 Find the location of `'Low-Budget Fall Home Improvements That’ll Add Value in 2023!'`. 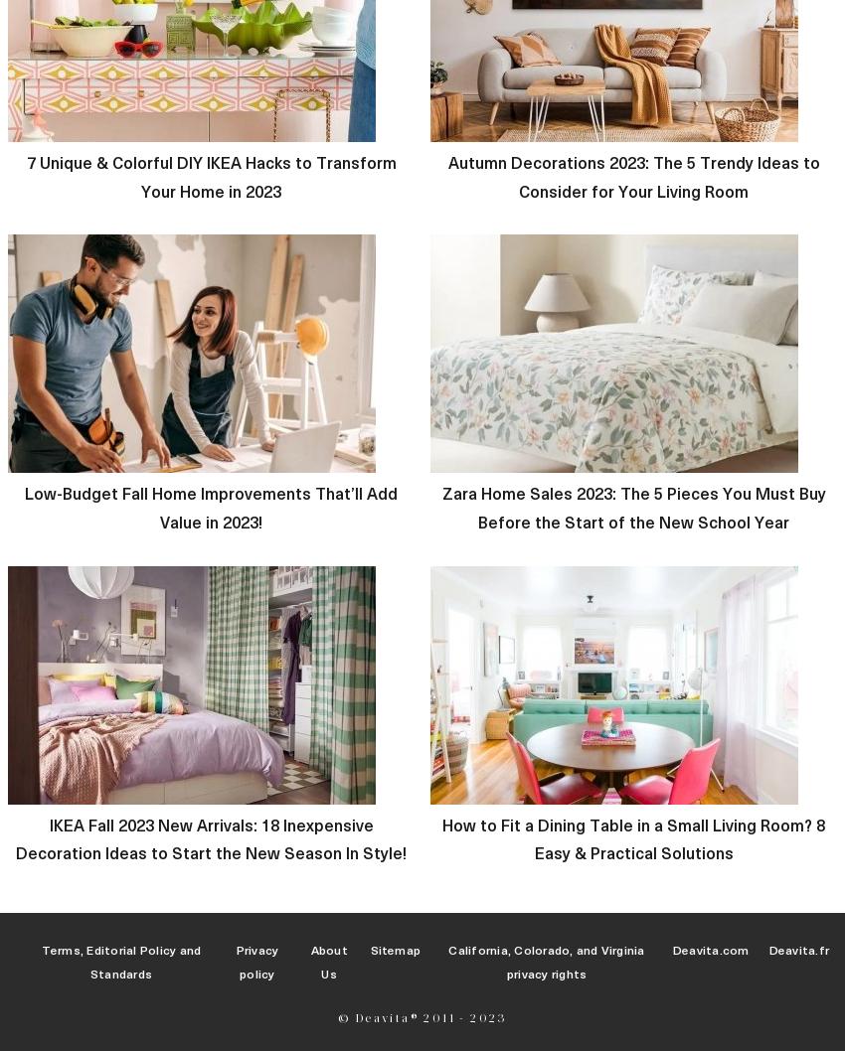

'Low-Budget Fall Home Improvements That’ll Add Value in 2023!' is located at coordinates (210, 507).